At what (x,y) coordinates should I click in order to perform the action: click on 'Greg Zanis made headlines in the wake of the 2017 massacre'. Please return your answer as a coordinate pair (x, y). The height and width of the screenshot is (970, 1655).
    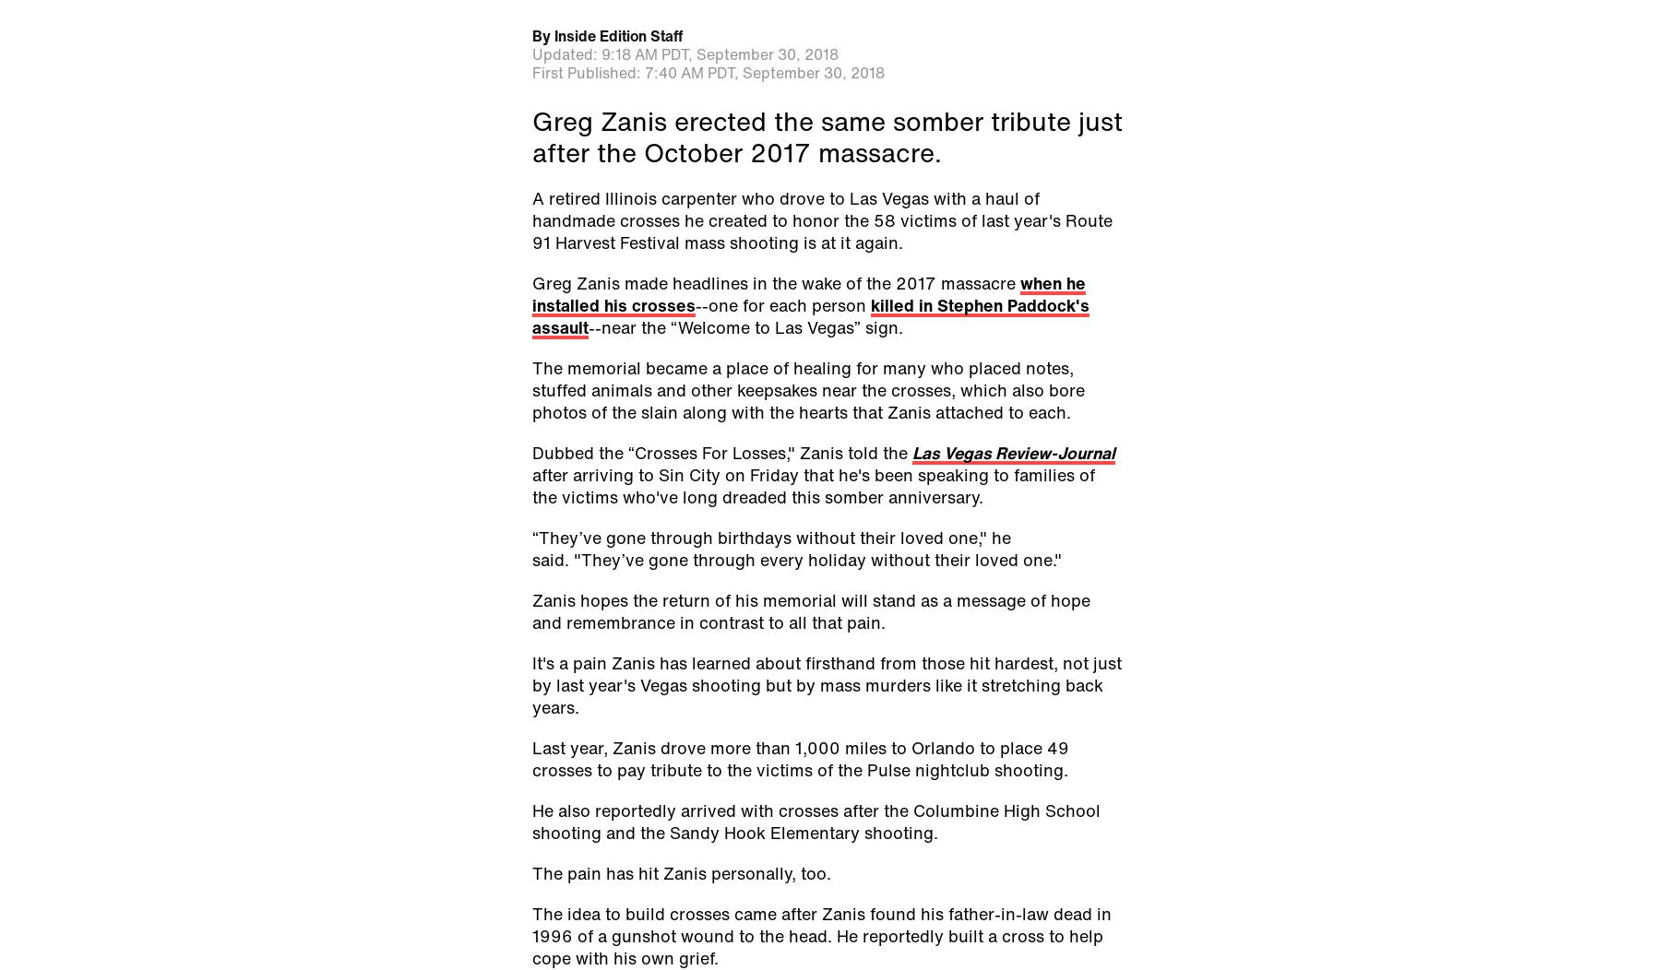
    Looking at the image, I should click on (531, 282).